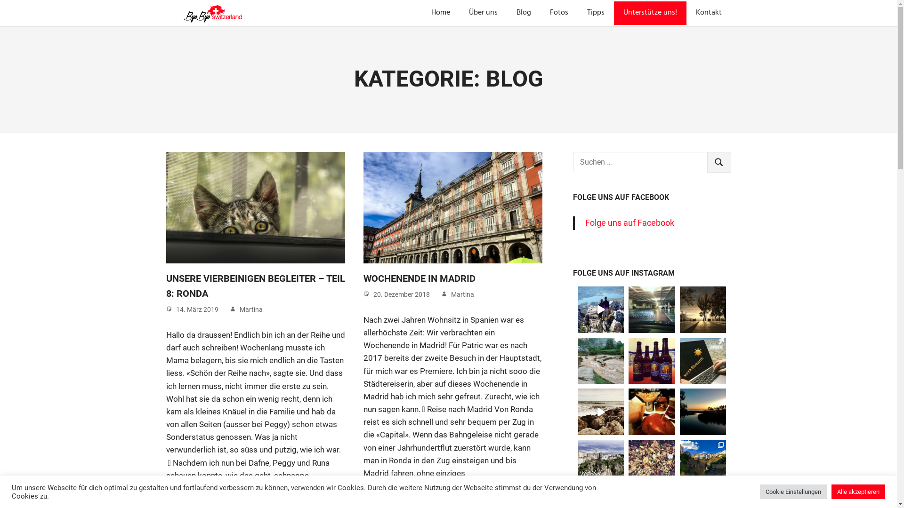 The image size is (904, 508). I want to click on 'FOLGE UNS AUF FACEBOOK', so click(621, 197).